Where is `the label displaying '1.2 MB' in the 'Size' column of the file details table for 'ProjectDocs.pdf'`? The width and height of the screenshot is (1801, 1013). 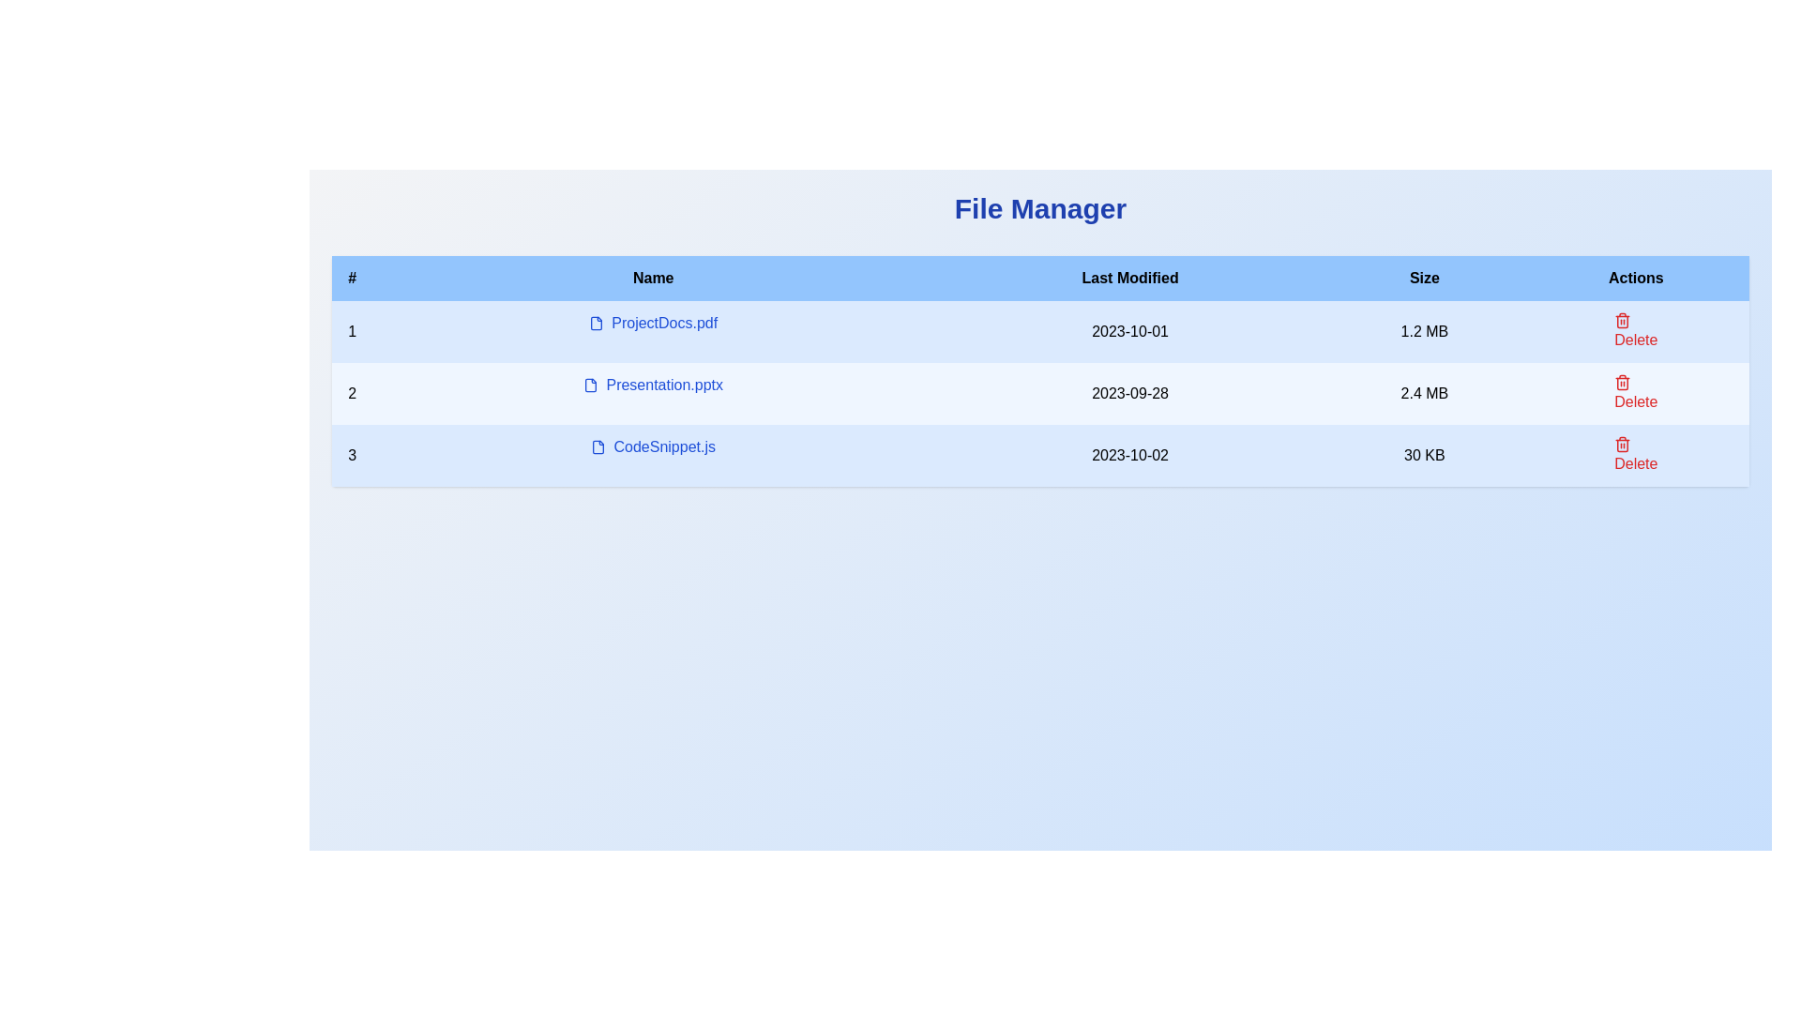
the label displaying '1.2 MB' in the 'Size' column of the file details table for 'ProjectDocs.pdf' is located at coordinates (1424, 331).